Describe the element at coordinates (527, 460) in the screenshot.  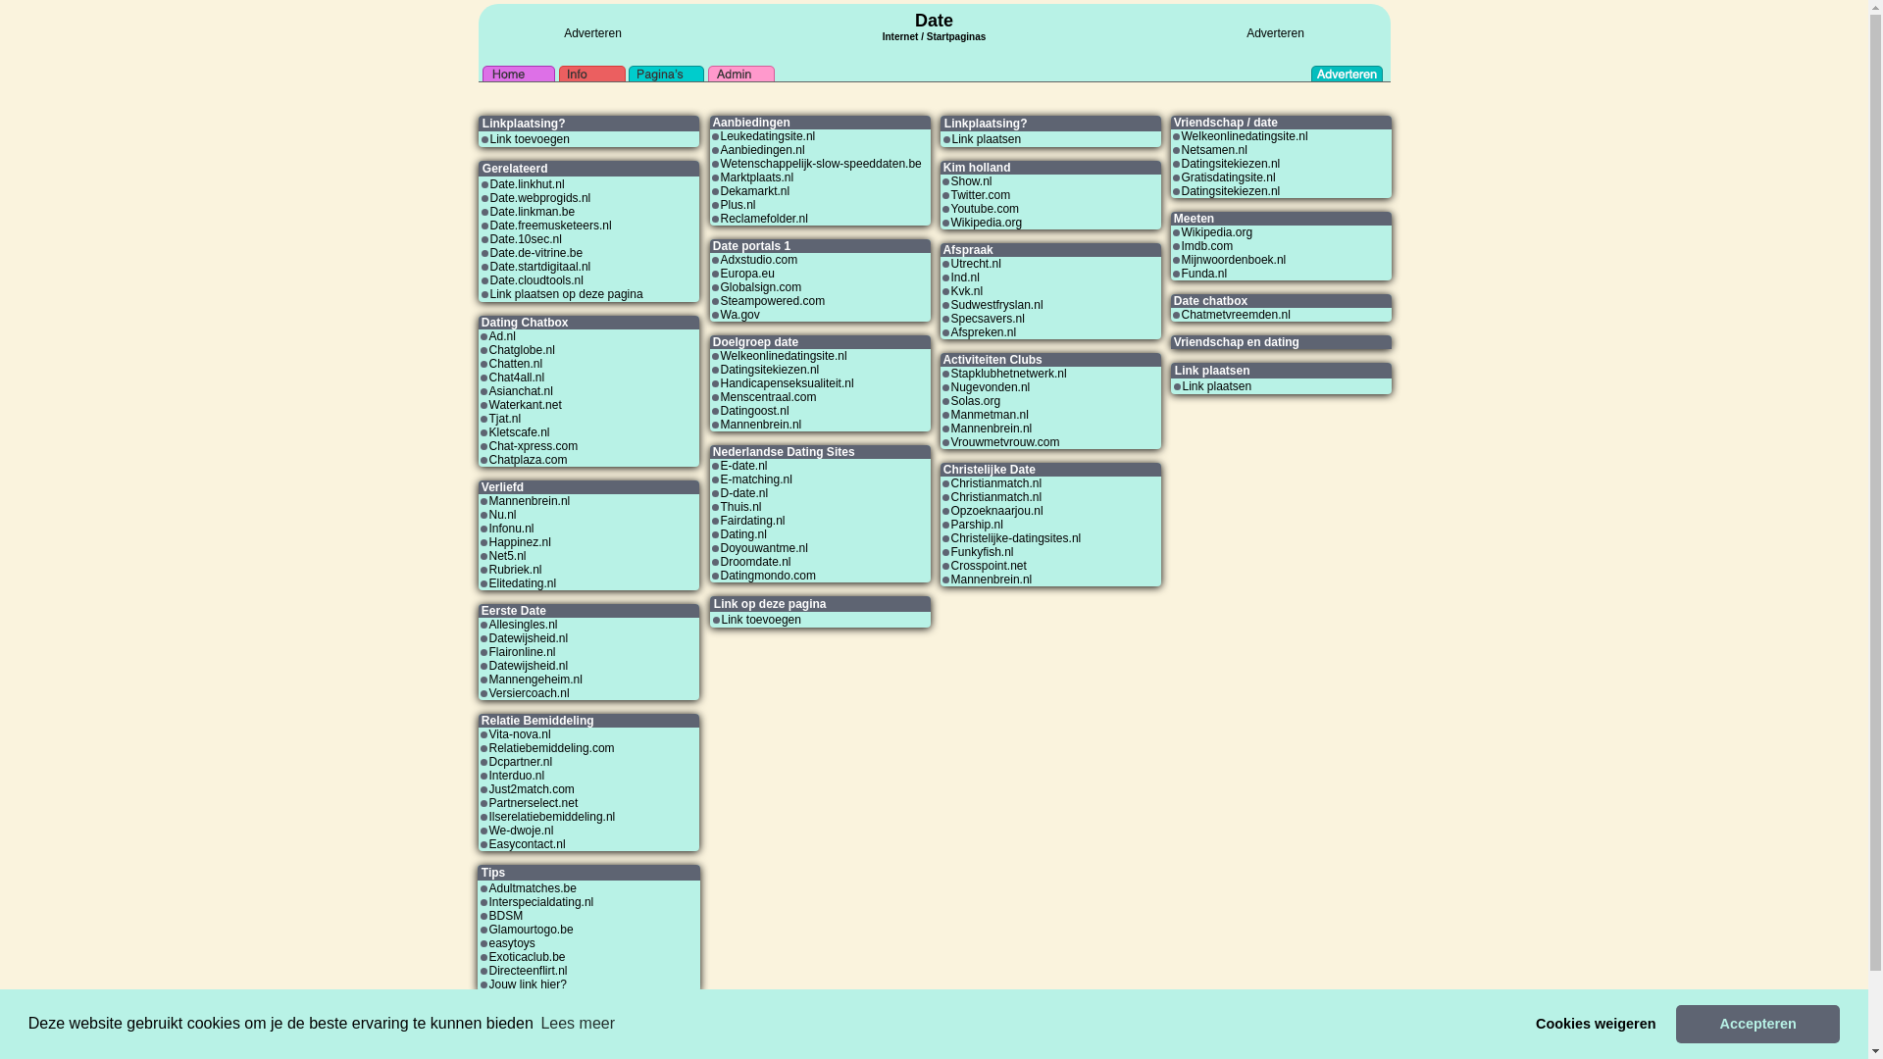
I see `'Chatplaza.com'` at that location.